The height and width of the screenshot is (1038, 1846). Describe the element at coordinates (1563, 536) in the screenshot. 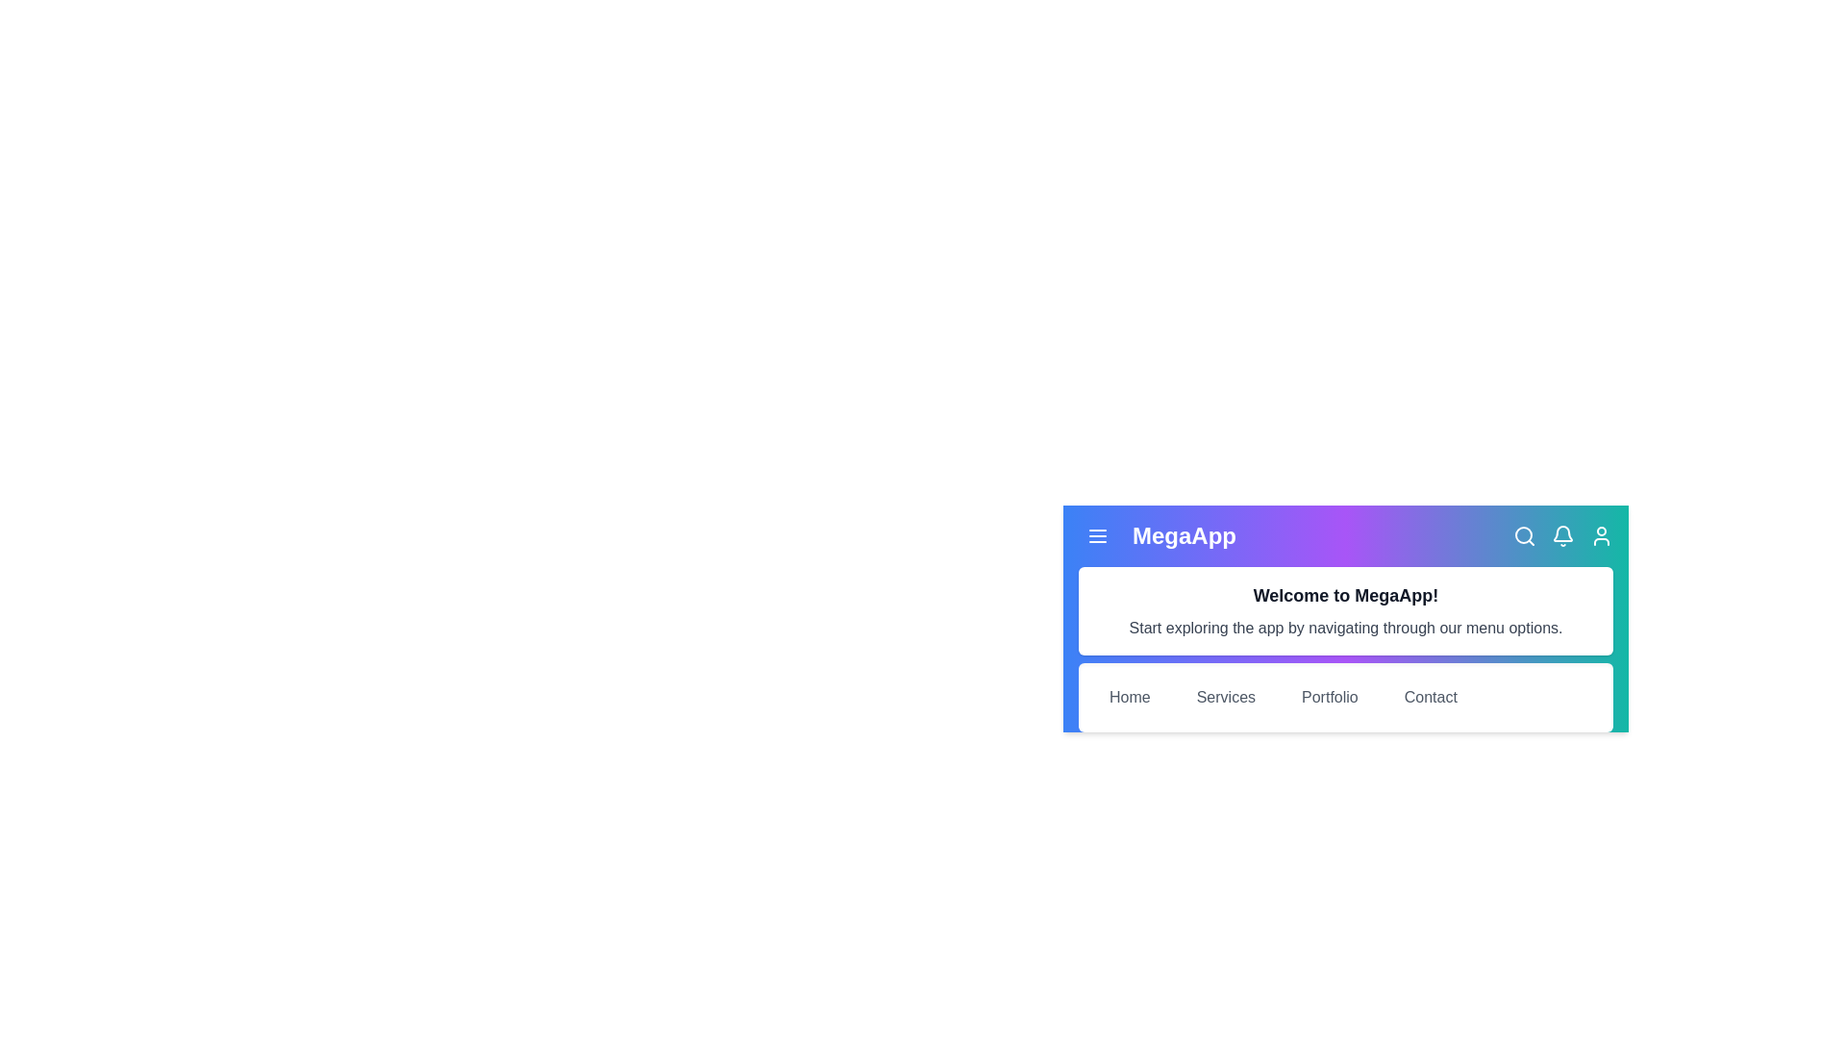

I see `the bell icon to view notifications` at that location.